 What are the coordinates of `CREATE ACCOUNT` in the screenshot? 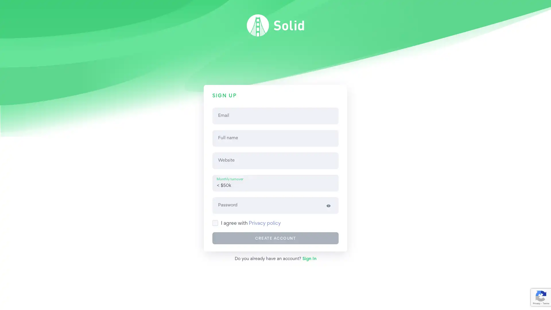 It's located at (275, 238).